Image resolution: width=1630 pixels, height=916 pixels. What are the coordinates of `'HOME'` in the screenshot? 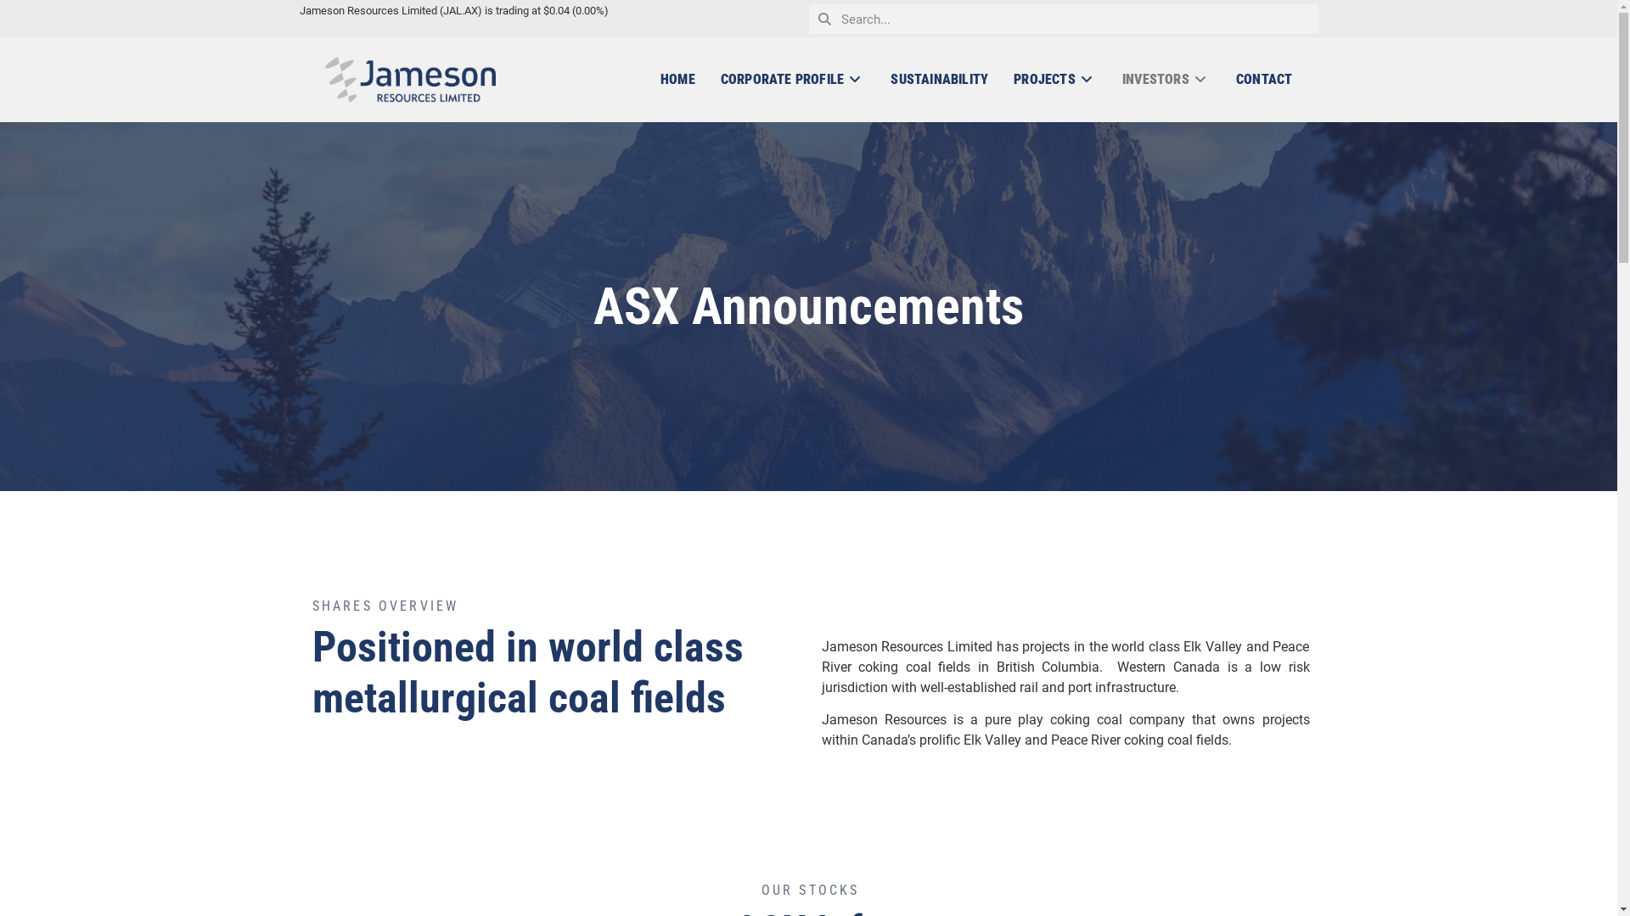 It's located at (684, 79).